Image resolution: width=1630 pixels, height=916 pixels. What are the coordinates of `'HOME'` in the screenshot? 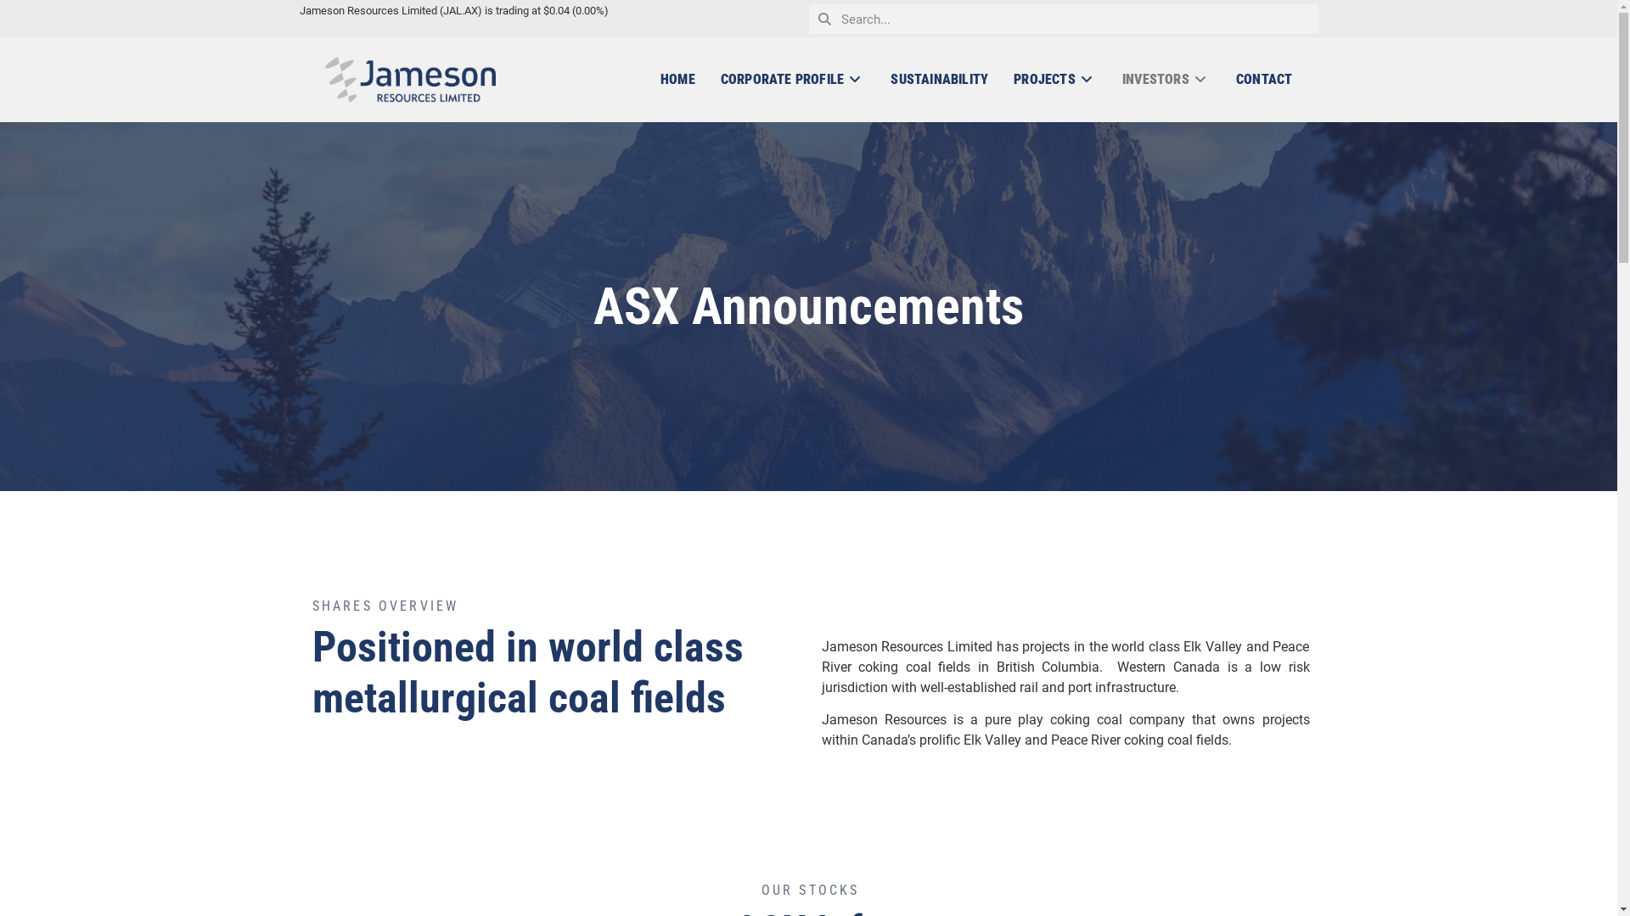 It's located at (684, 79).